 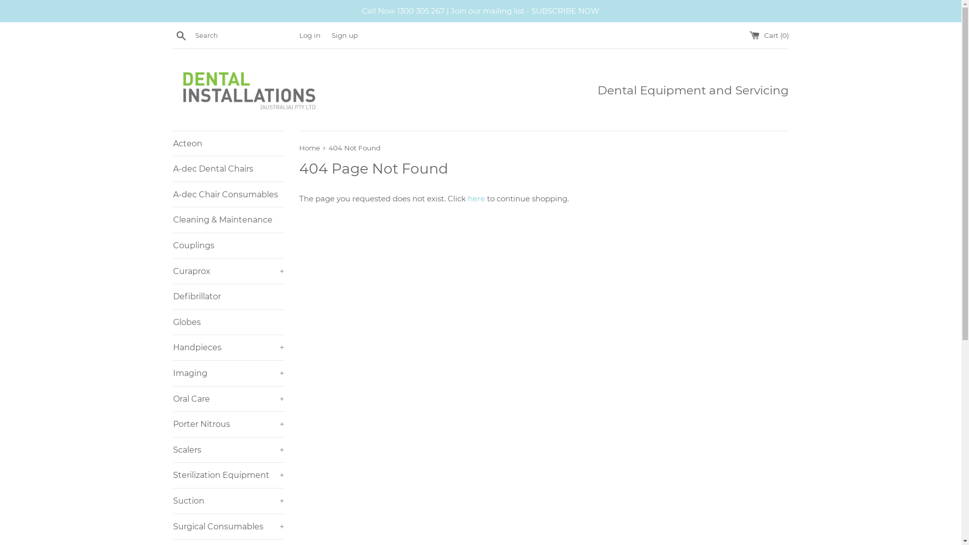 I want to click on 'Globes', so click(x=227, y=322).